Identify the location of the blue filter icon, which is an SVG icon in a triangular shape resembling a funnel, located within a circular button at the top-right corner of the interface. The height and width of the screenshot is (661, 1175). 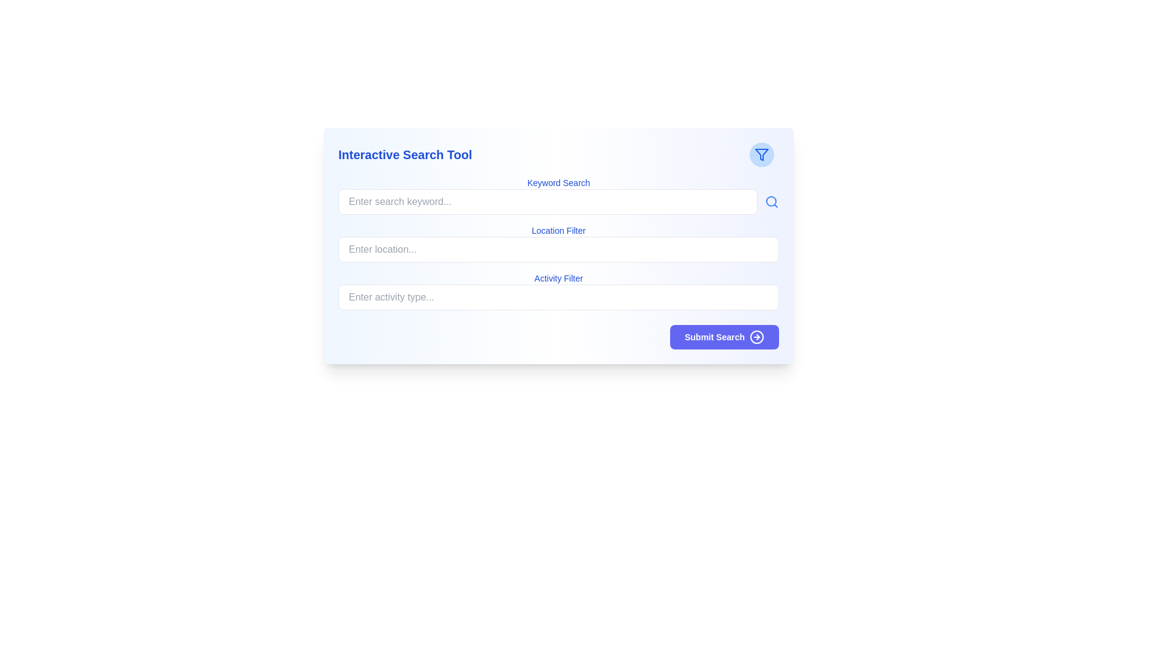
(761, 154).